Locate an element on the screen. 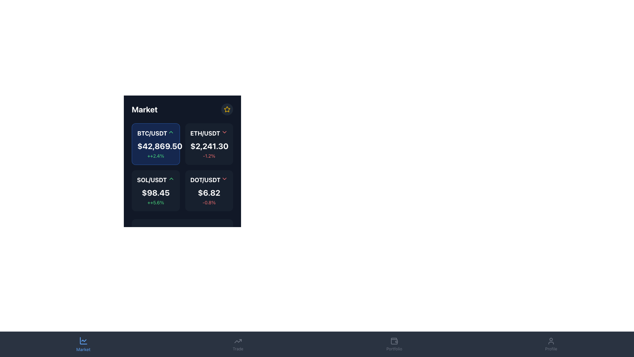  the downward-pointing chevron arrow icon beside the 'DOT/USDT' label is located at coordinates (225, 178).